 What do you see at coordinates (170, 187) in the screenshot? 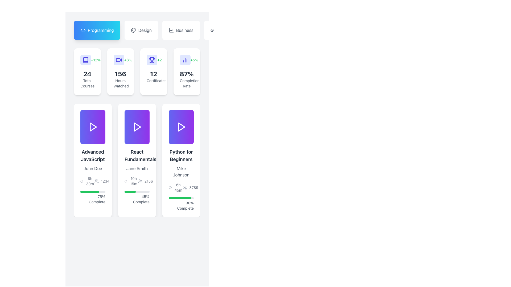
I see `the clock icon located at the bottom left corner of the 'Python for Beginners' course card for more information` at bounding box center [170, 187].